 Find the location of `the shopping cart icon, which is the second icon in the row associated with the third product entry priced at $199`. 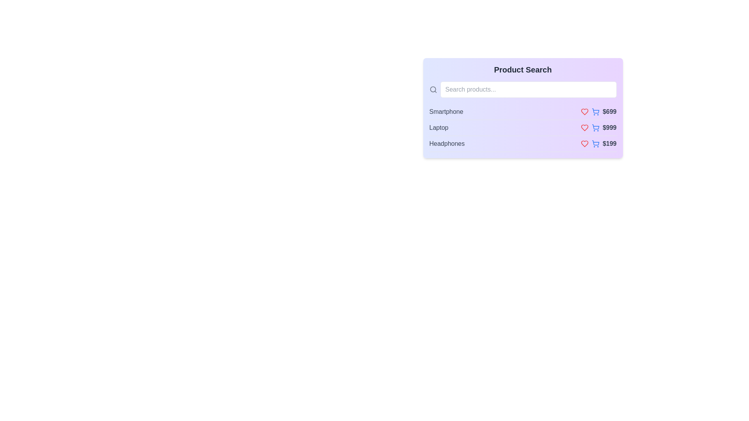

the shopping cart icon, which is the second icon in the row associated with the third product entry priced at $199 is located at coordinates (595, 144).